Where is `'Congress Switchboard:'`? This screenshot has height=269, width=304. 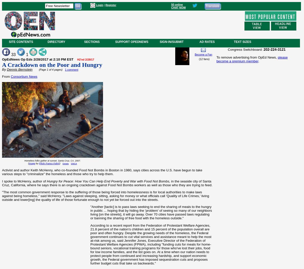
'Congress Switchboard:' is located at coordinates (245, 49).